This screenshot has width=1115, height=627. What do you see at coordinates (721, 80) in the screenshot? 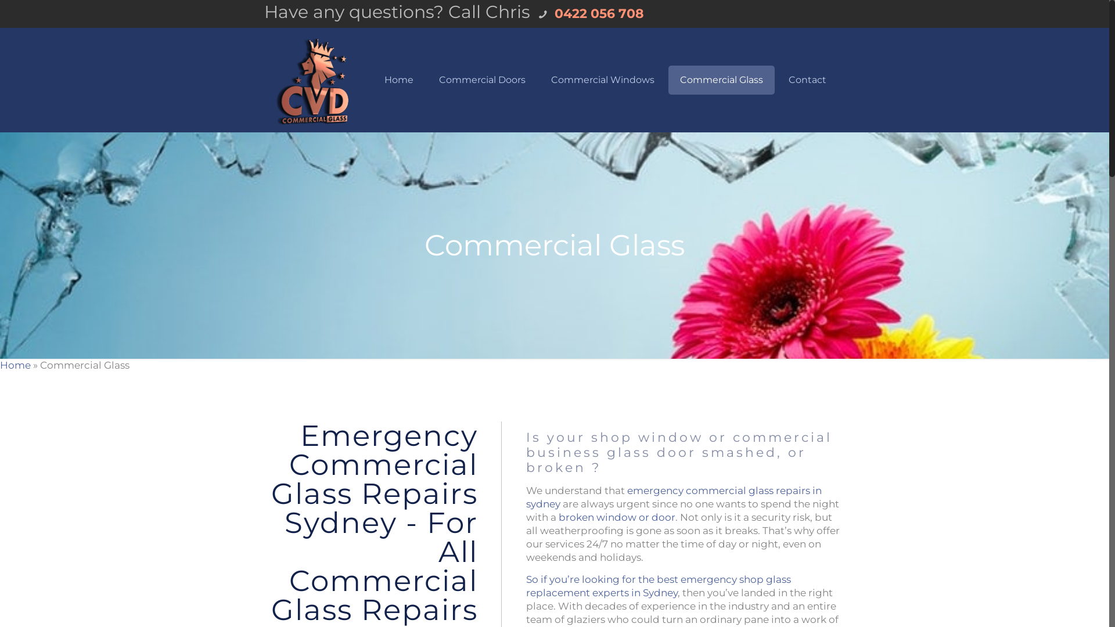
I see `'Commercial Glass'` at bounding box center [721, 80].